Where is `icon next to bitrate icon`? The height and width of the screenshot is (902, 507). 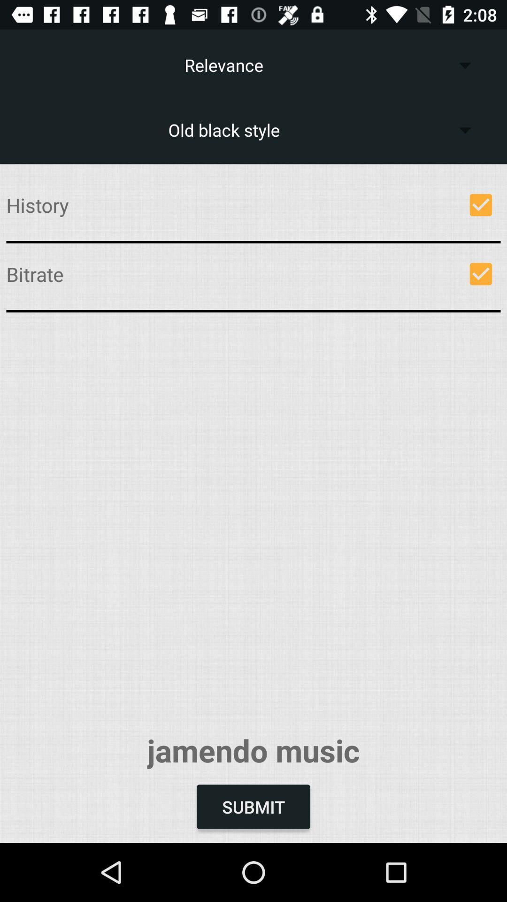 icon next to bitrate icon is located at coordinates (481, 273).